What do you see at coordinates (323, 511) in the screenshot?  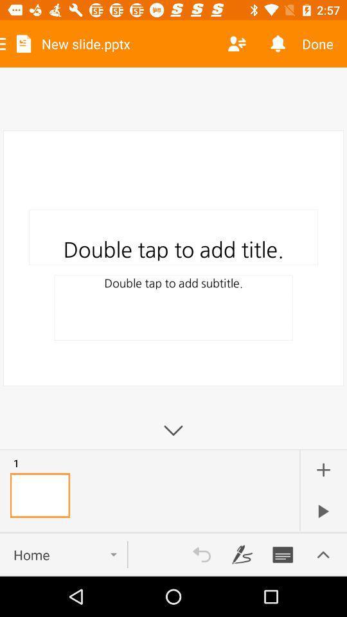 I see `the play icon` at bounding box center [323, 511].